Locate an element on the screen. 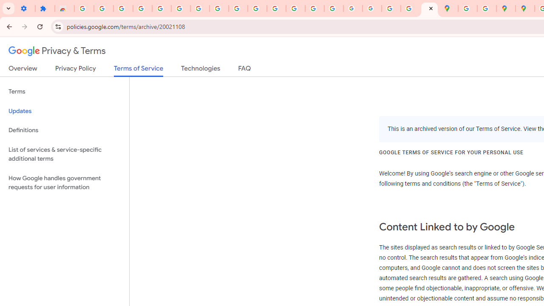 This screenshot has height=306, width=544. 'Sign in - Google Accounts' is located at coordinates (180, 8).